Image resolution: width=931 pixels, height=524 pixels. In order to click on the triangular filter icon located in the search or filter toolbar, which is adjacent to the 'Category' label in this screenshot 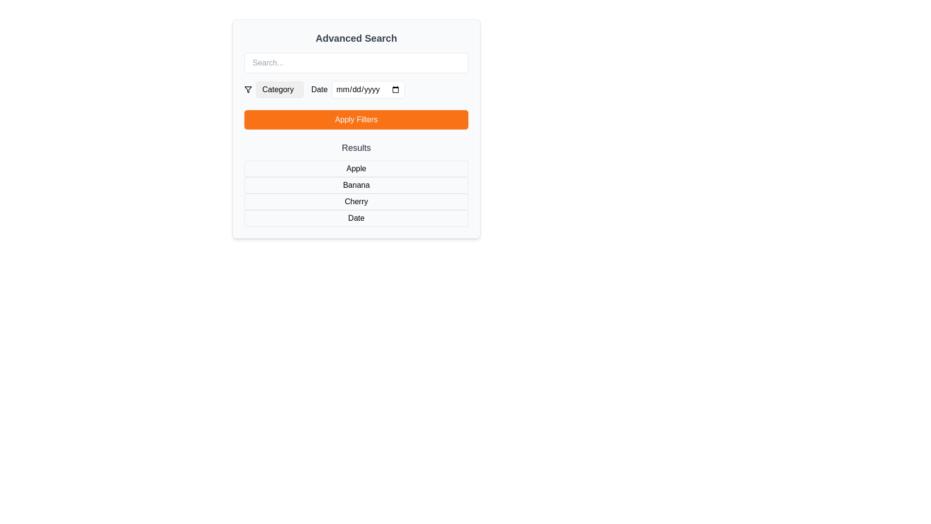, I will do `click(248, 90)`.